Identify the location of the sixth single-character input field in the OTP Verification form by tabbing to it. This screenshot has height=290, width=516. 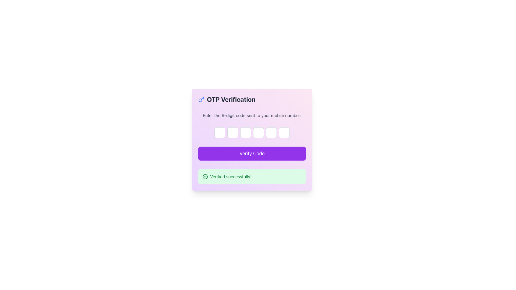
(284, 132).